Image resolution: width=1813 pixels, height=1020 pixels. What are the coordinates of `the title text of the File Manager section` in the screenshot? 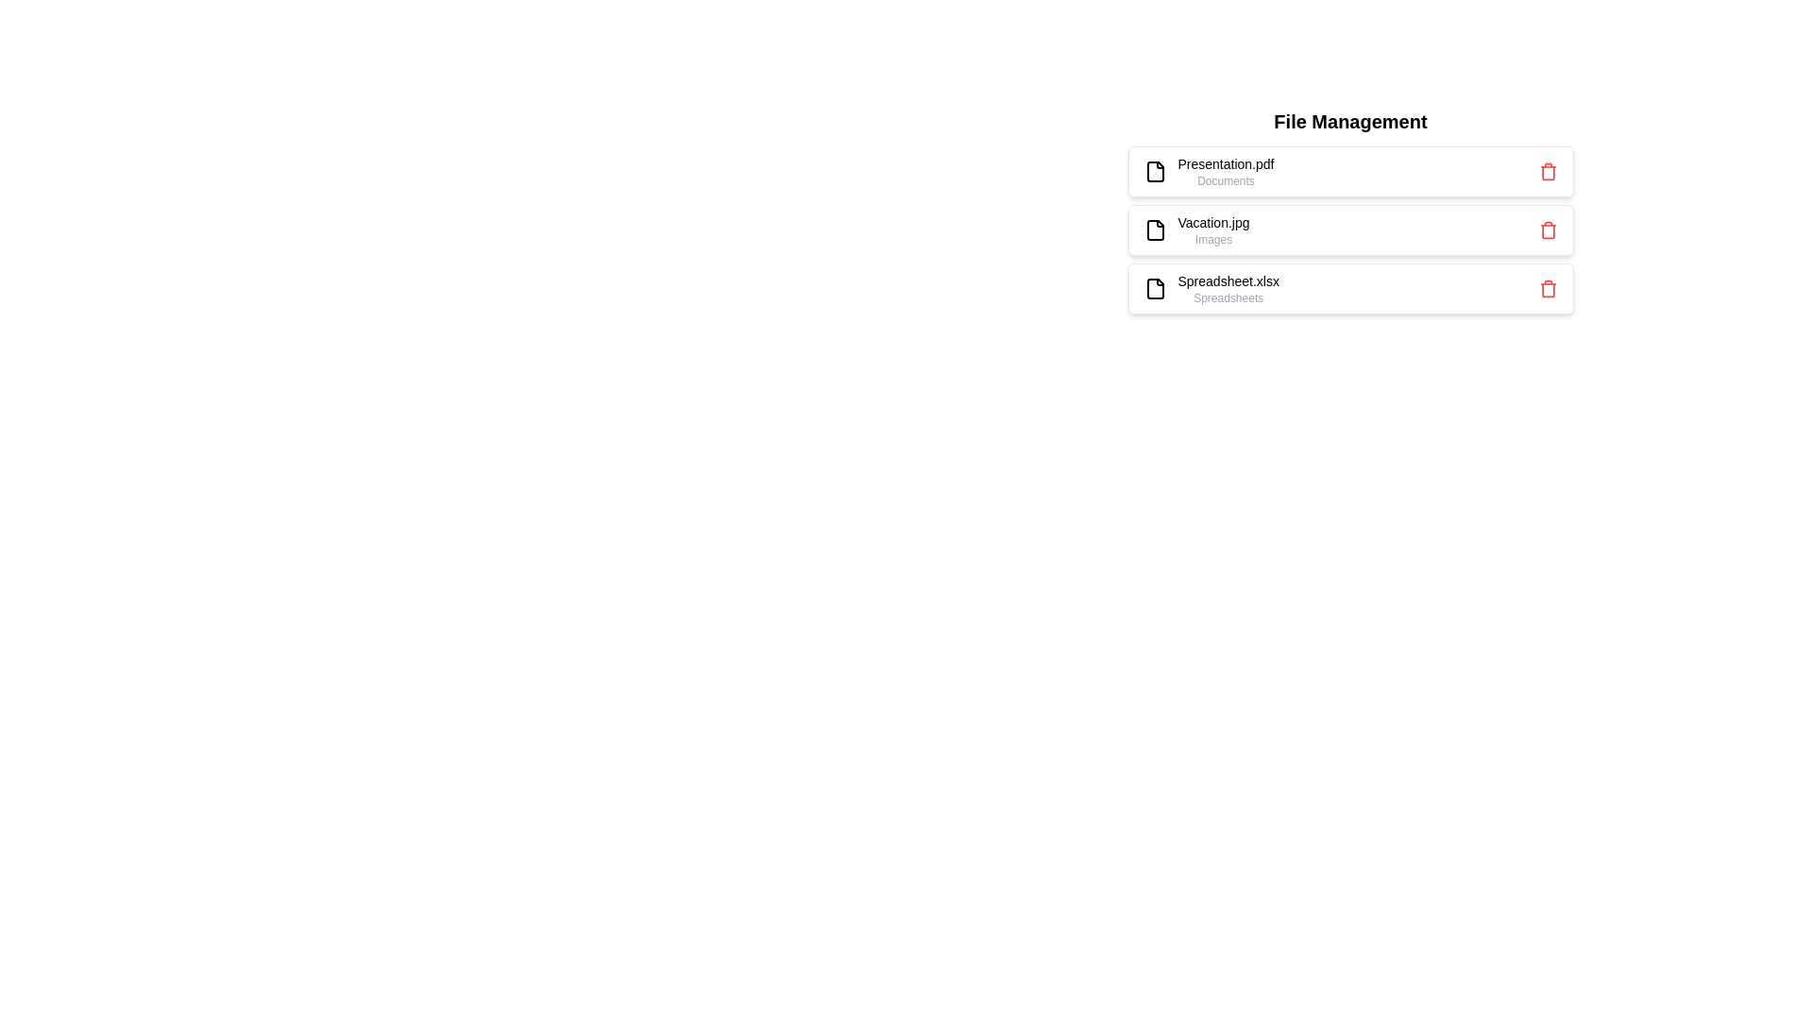 It's located at (1349, 121).